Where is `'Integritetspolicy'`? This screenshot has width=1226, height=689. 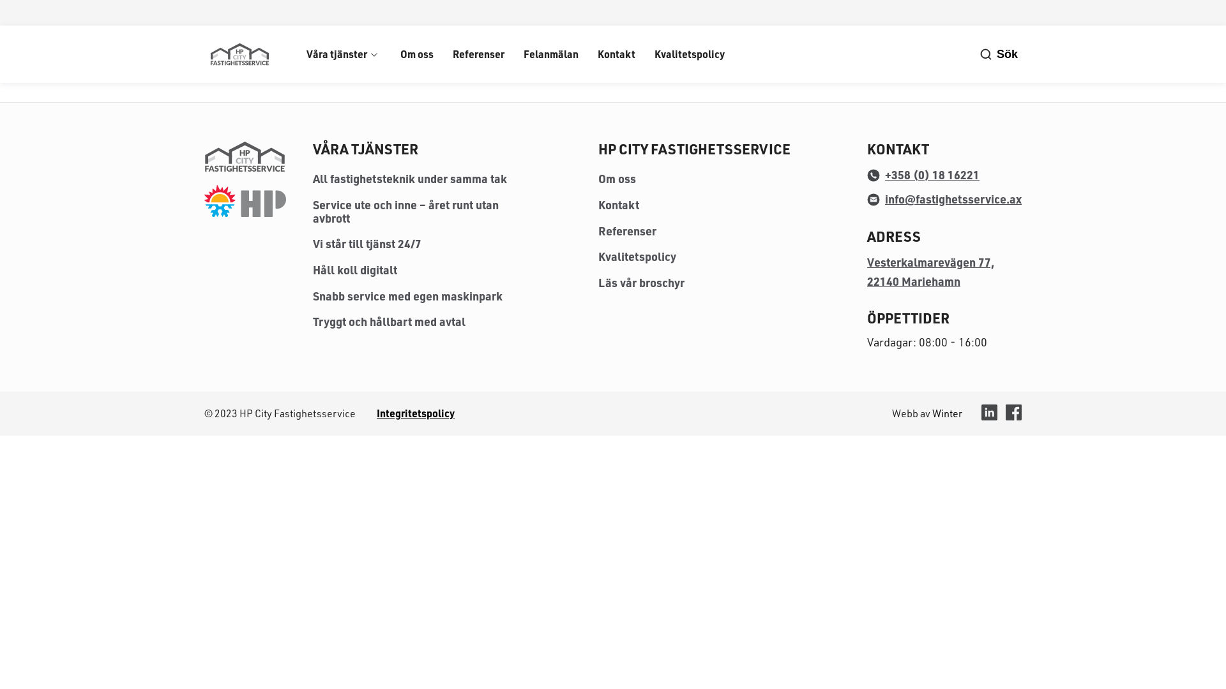 'Integritetspolicy' is located at coordinates (416, 413).